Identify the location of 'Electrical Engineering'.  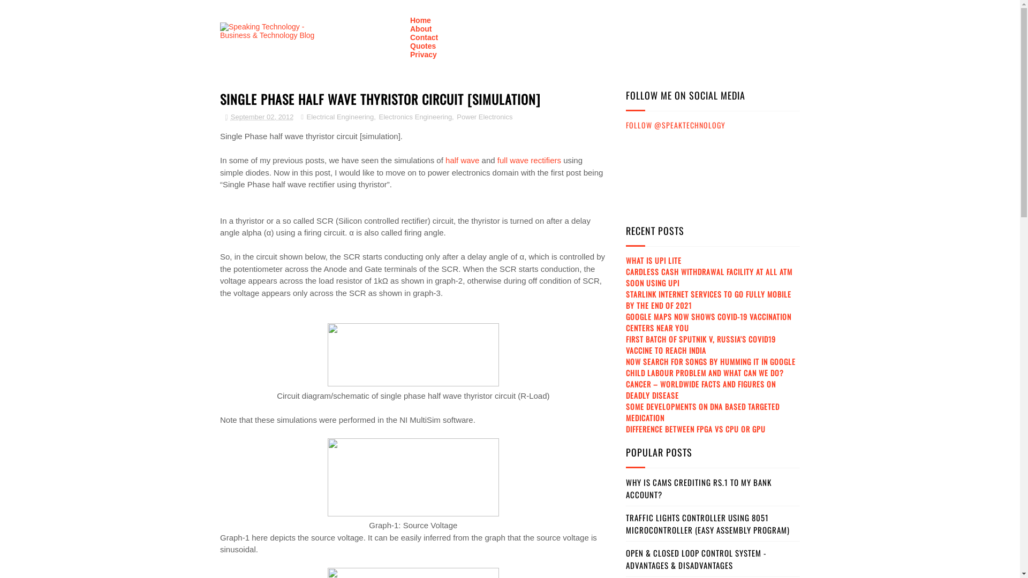
(339, 117).